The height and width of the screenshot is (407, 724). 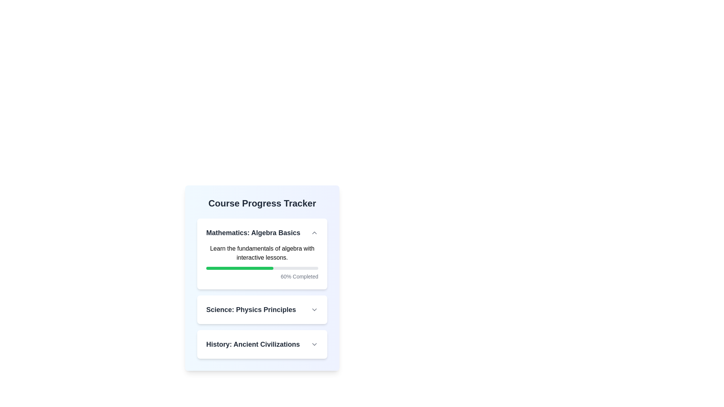 What do you see at coordinates (239, 268) in the screenshot?
I see `the progress bar indicating 60% completion in the 'Course Progress Tracker' card located beneath the course title and description` at bounding box center [239, 268].